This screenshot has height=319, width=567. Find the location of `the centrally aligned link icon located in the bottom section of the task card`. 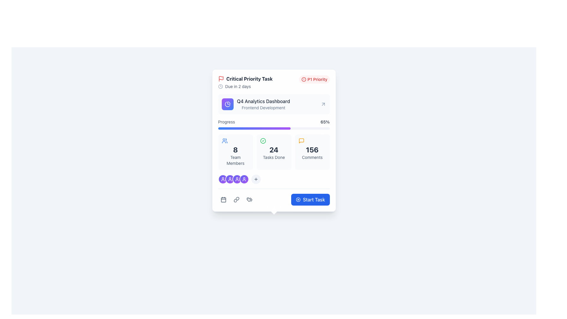

the centrally aligned link icon located in the bottom section of the task card is located at coordinates (236, 199).